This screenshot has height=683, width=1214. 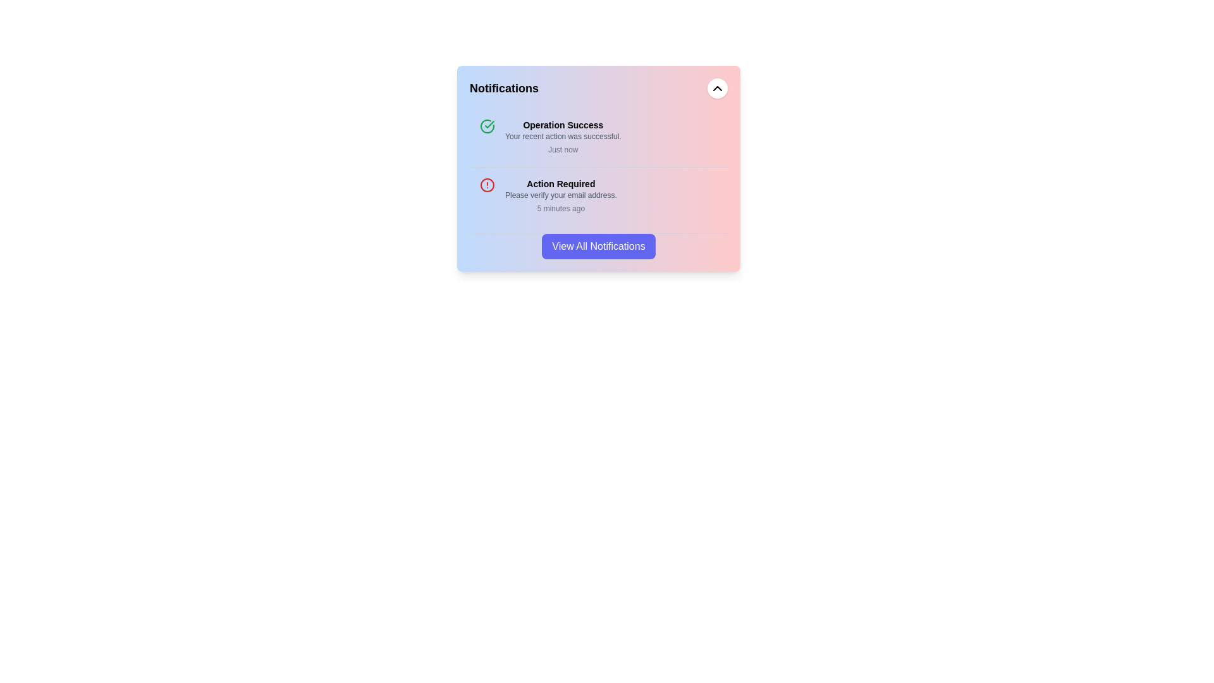 What do you see at coordinates (560, 197) in the screenshot?
I see `the title or the description of the notification entry that alerts users about an action item requiring attention, positioned below 'Operation Success' and aligned with a red circular icon` at bounding box center [560, 197].